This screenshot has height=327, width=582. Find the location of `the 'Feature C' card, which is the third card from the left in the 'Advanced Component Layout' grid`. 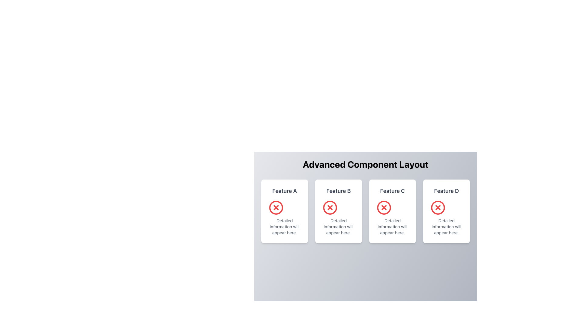

the 'Feature C' card, which is the third card from the left in the 'Advanced Component Layout' grid is located at coordinates (393, 211).